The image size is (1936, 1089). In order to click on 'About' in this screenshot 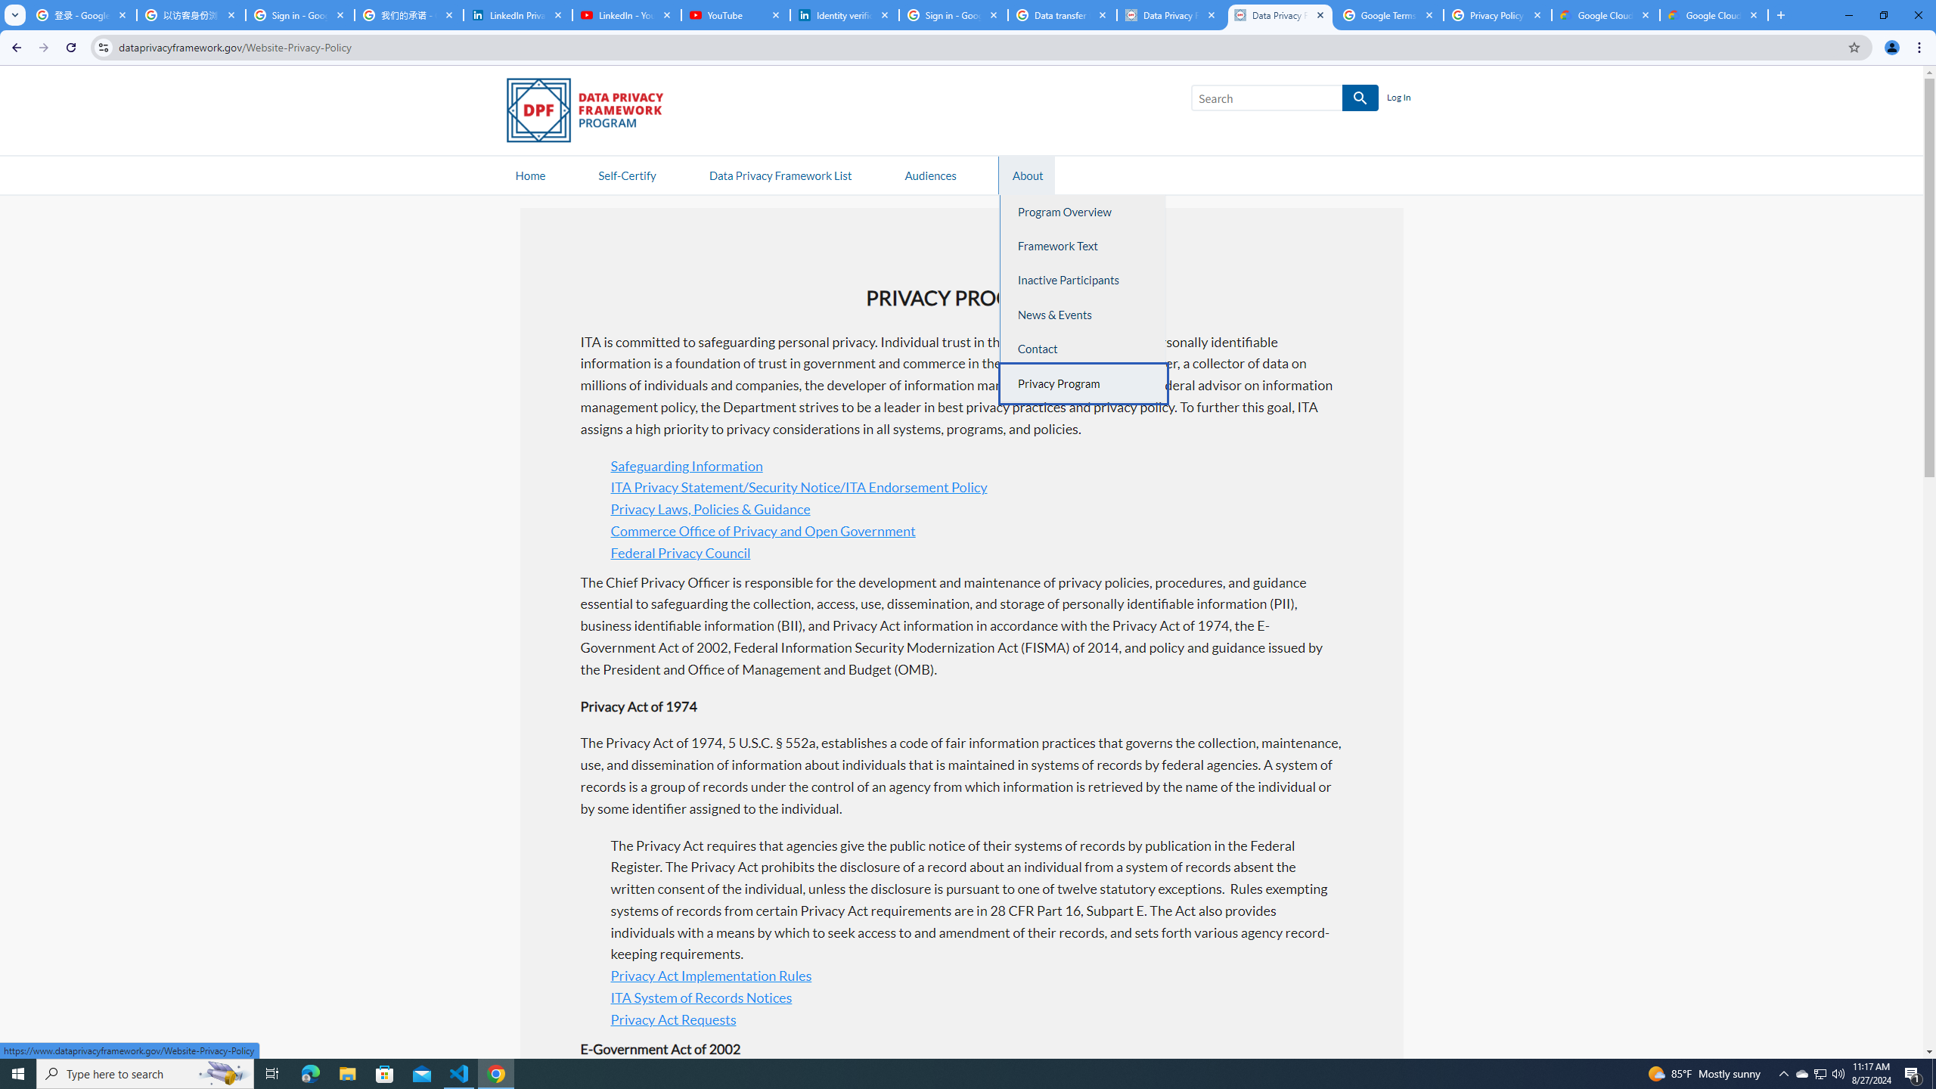, I will do `click(1027, 174)`.